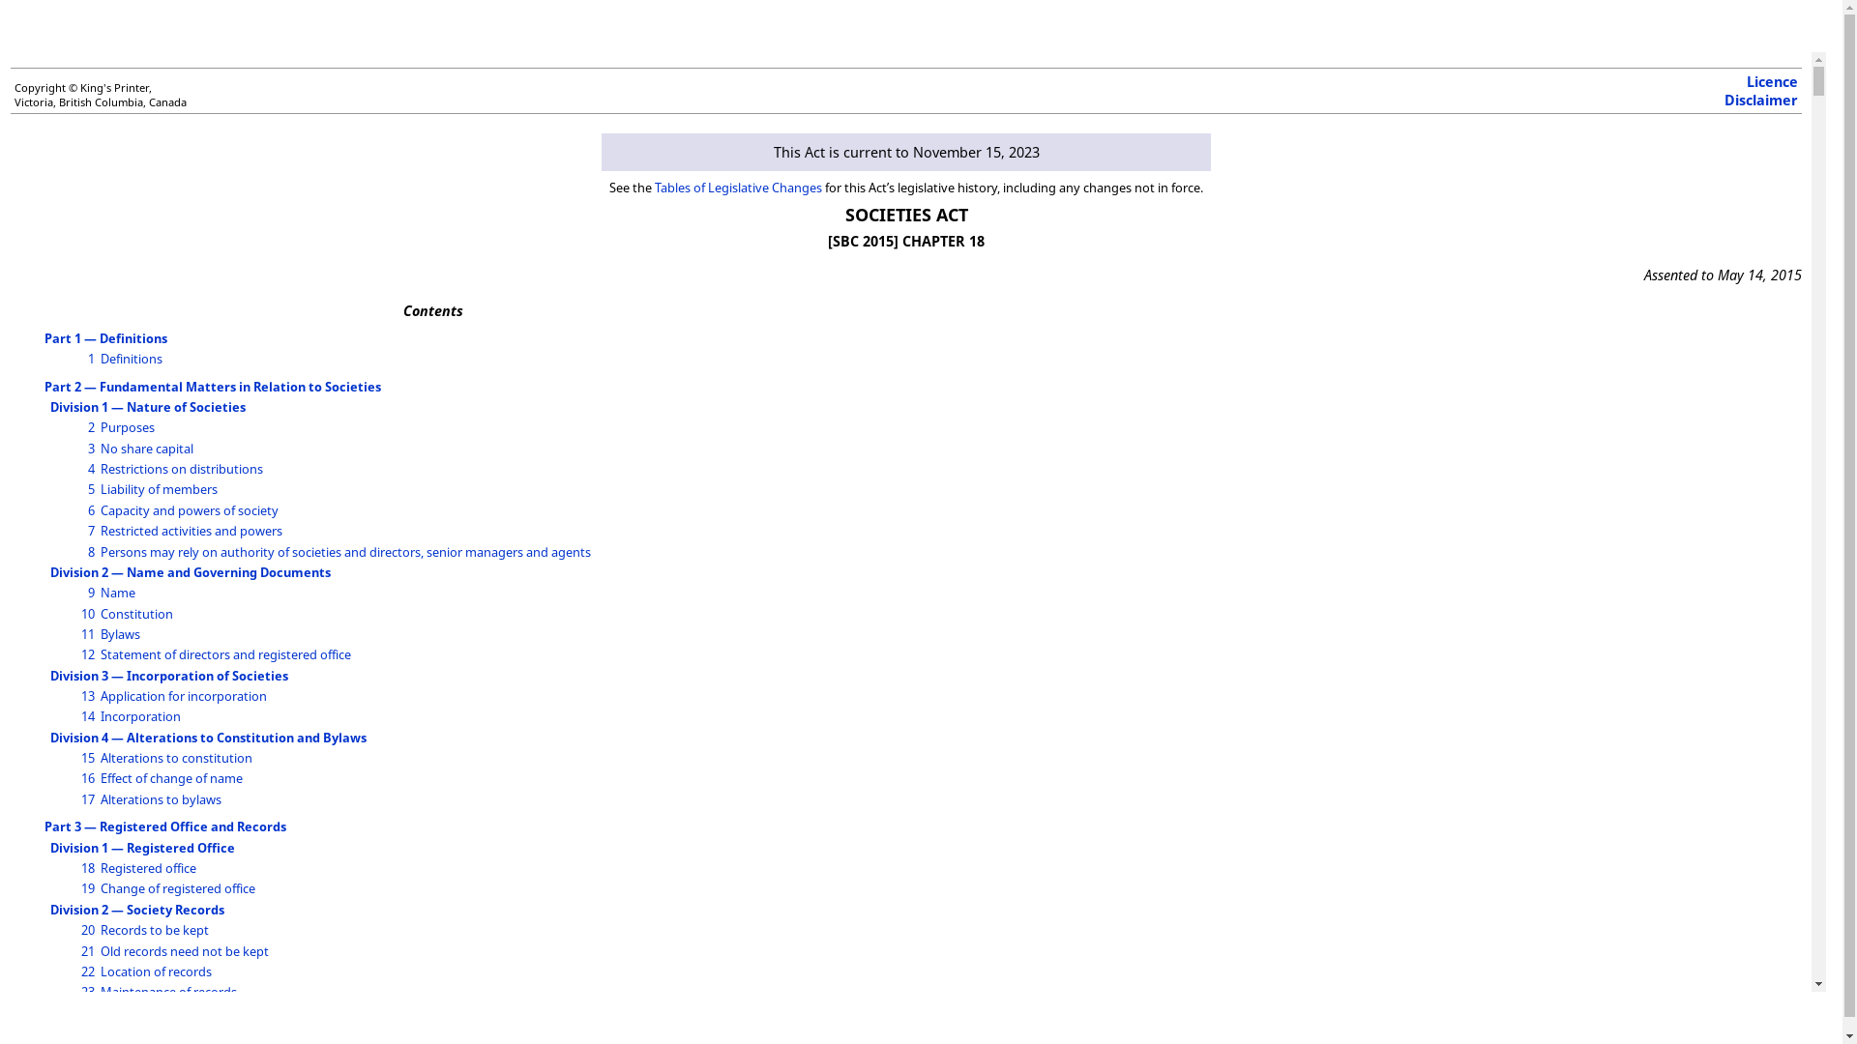  Describe the element at coordinates (119, 633) in the screenshot. I see `'Bylaws'` at that location.